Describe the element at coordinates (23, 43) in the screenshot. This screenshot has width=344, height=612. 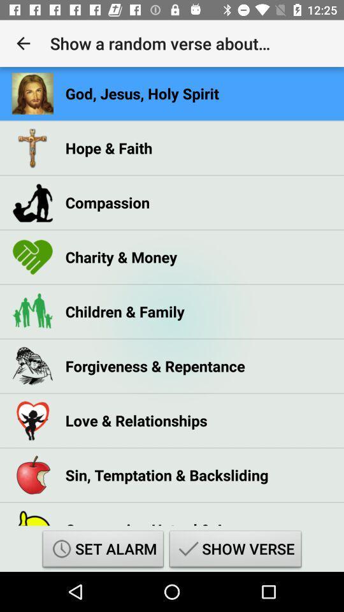
I see `the app to the left of show a random icon` at that location.